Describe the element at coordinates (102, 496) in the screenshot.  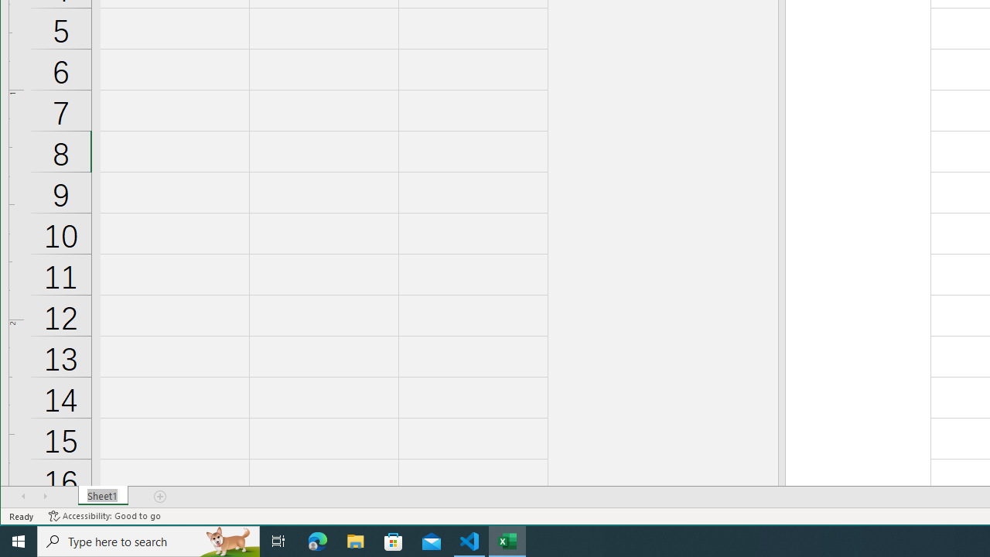
I see `'Sheet Tab'` at that location.